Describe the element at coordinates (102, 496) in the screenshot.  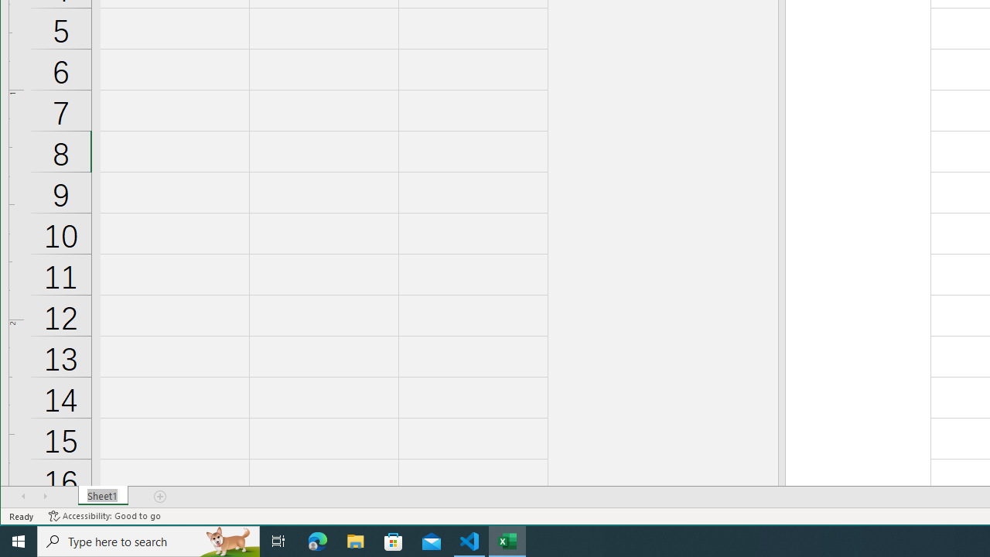
I see `'Sheet Tab'` at that location.